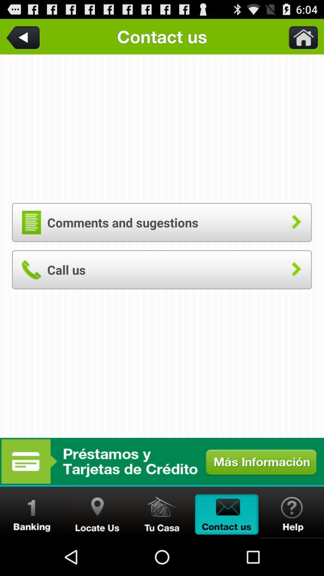 The width and height of the screenshot is (324, 576). What do you see at coordinates (24, 36) in the screenshot?
I see `app next to the contact us app` at bounding box center [24, 36].